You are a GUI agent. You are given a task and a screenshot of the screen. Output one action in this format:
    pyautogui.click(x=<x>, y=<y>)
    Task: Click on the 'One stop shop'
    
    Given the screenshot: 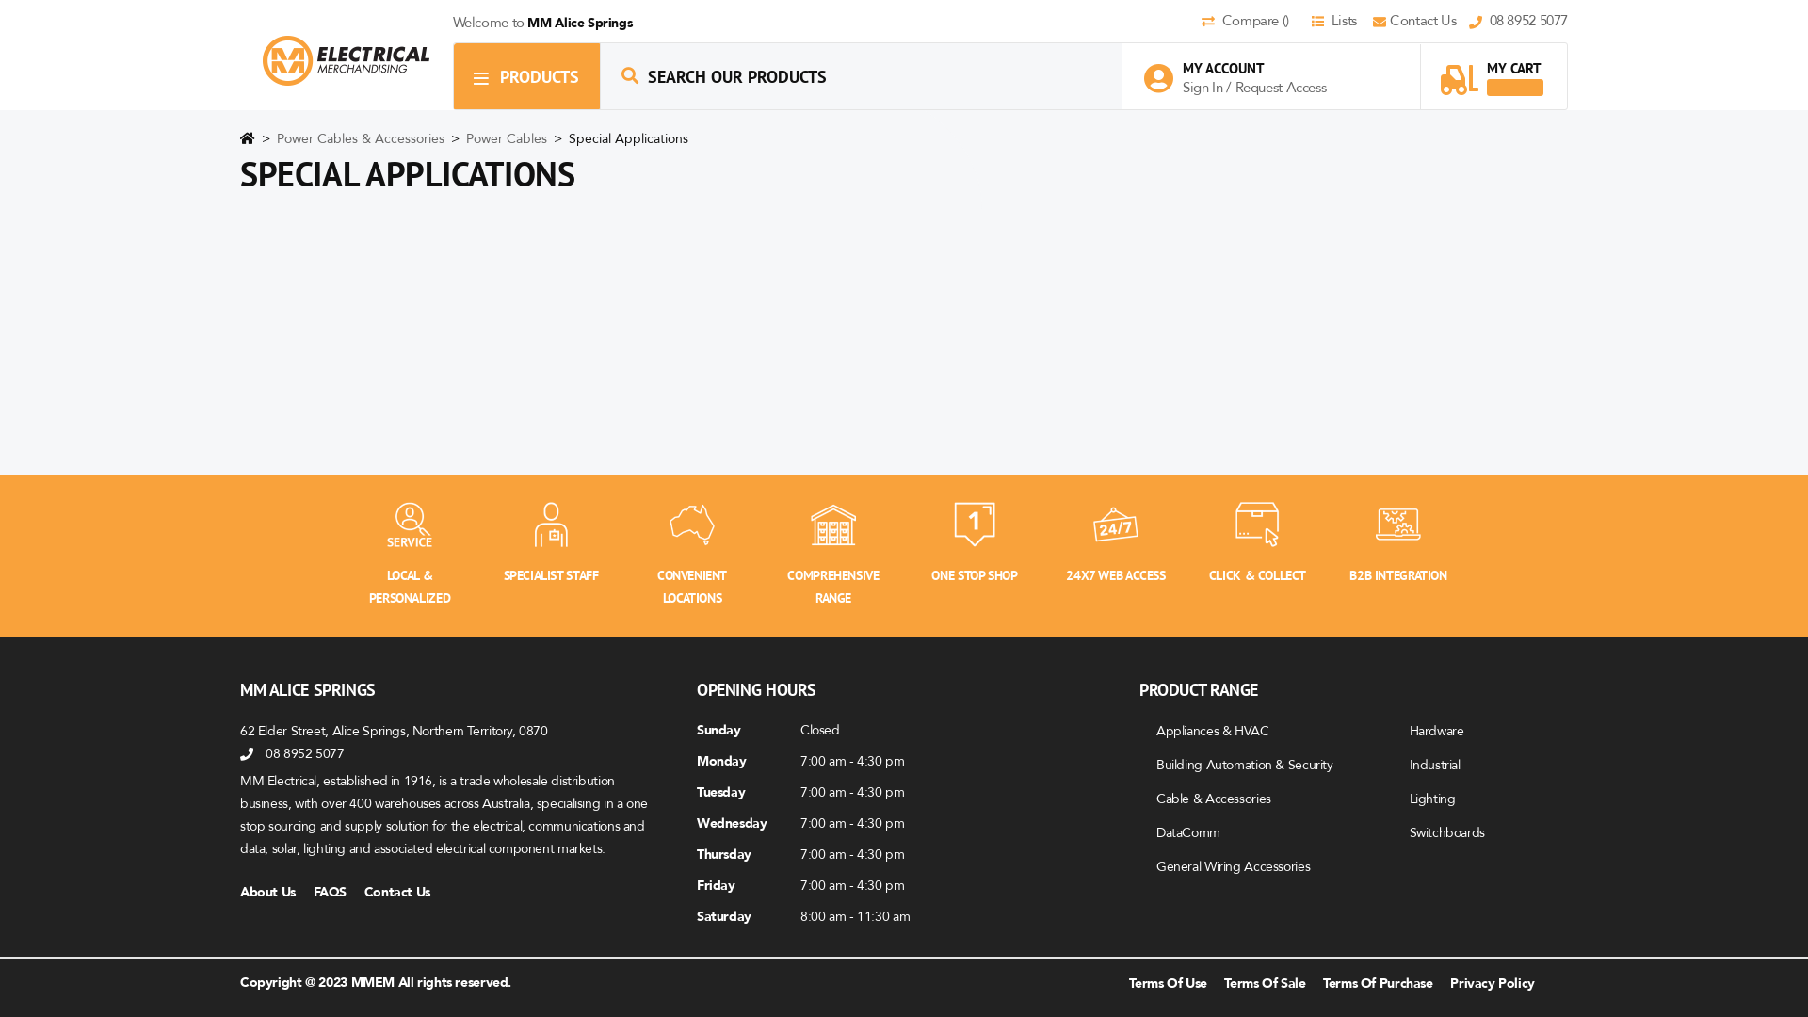 What is the action you would take?
    pyautogui.click(x=975, y=523)
    